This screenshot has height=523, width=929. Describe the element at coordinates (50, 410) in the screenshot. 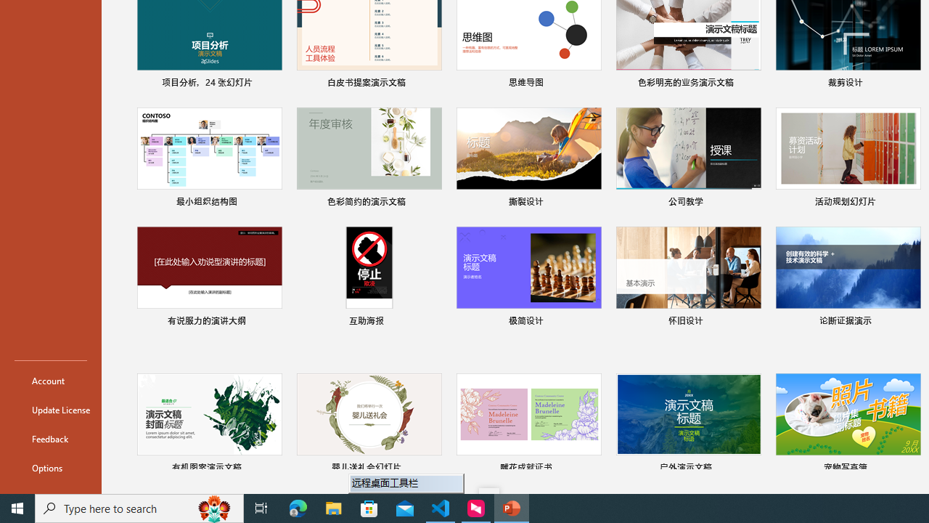

I see `'Update License'` at that location.